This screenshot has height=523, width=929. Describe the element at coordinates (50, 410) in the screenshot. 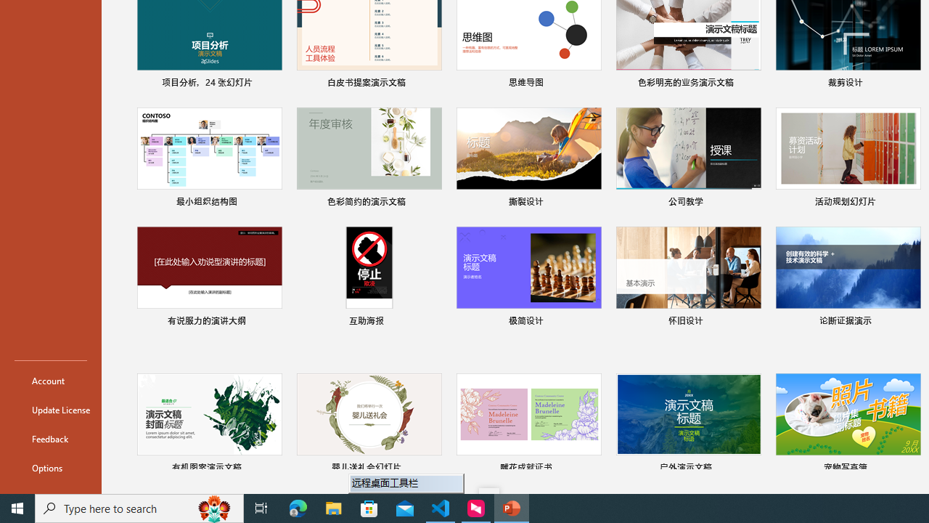

I see `'Update License'` at that location.